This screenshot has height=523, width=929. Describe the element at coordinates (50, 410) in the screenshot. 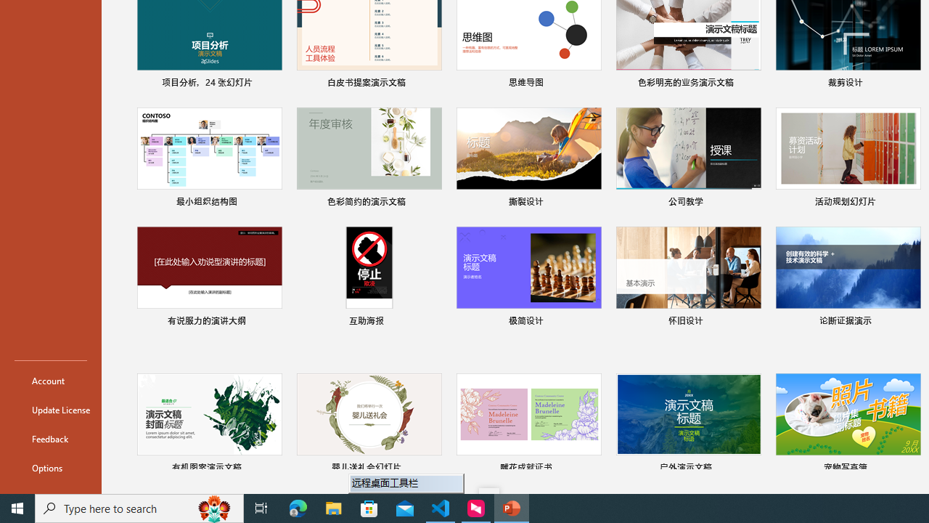

I see `'Update License'` at that location.